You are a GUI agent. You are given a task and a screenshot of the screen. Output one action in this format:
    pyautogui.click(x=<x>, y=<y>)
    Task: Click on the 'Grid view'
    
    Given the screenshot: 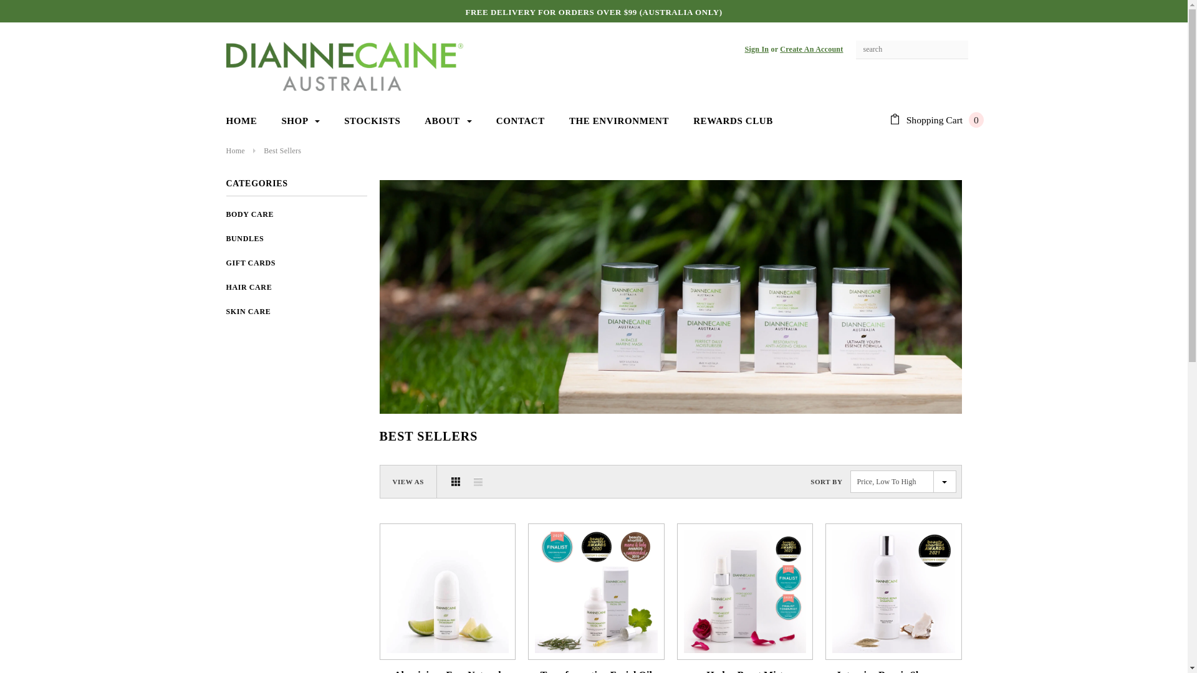 What is the action you would take?
    pyautogui.click(x=454, y=480)
    